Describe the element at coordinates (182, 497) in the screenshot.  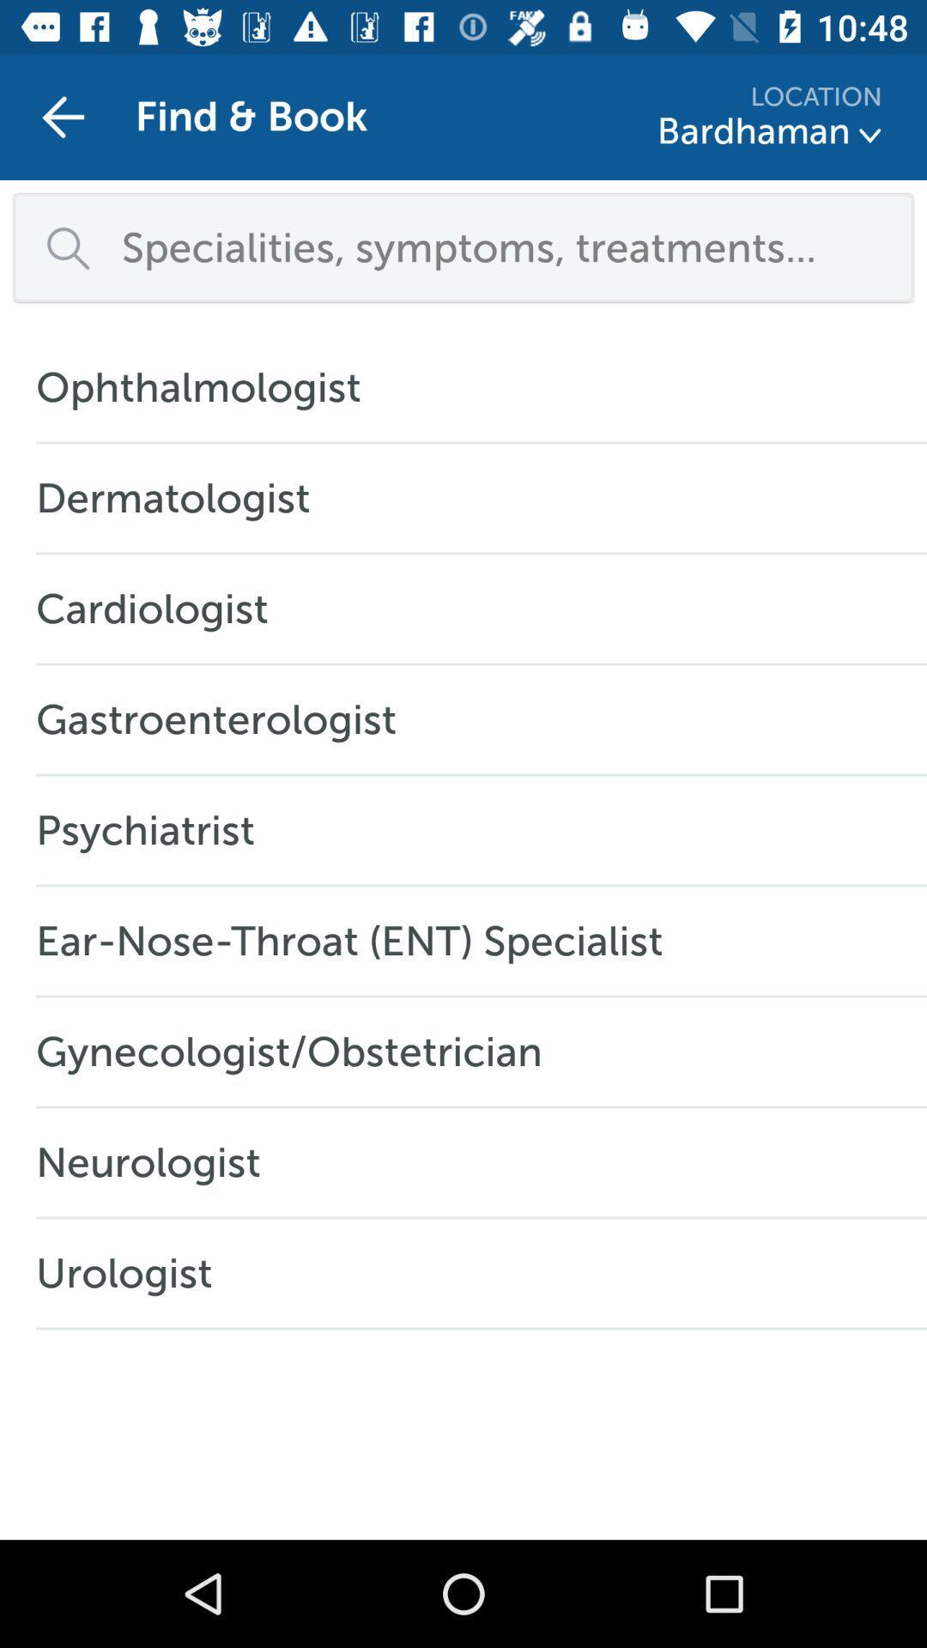
I see `the dermatologist` at that location.